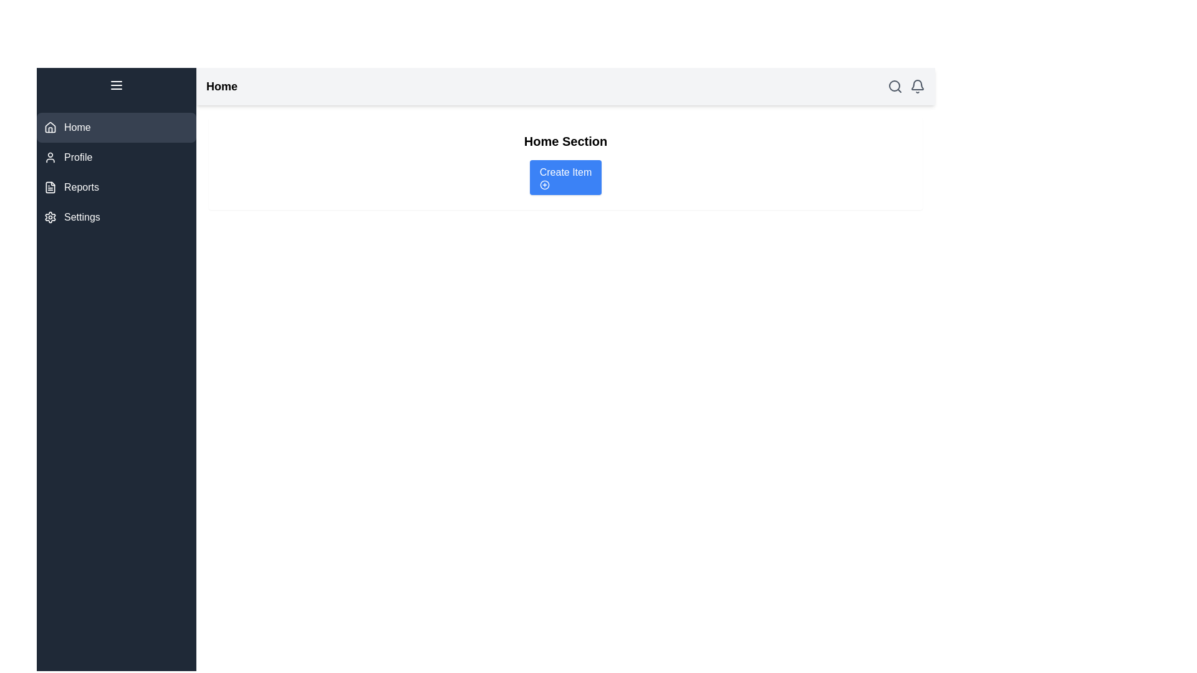 Image resolution: width=1197 pixels, height=673 pixels. Describe the element at coordinates (50, 157) in the screenshot. I see `the 'Profile' icon, which is a minimalistic SVG graphic of a user, outlined in white on a dark blue background, located in the sidebar panel on the left side of the interface` at that location.